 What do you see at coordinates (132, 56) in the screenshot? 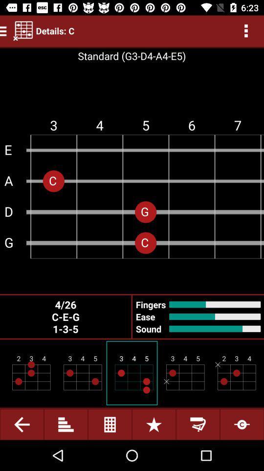
I see `text standardg3d4a4e5` at bounding box center [132, 56].